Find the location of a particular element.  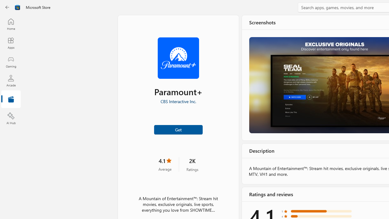

'Back' is located at coordinates (7, 7).